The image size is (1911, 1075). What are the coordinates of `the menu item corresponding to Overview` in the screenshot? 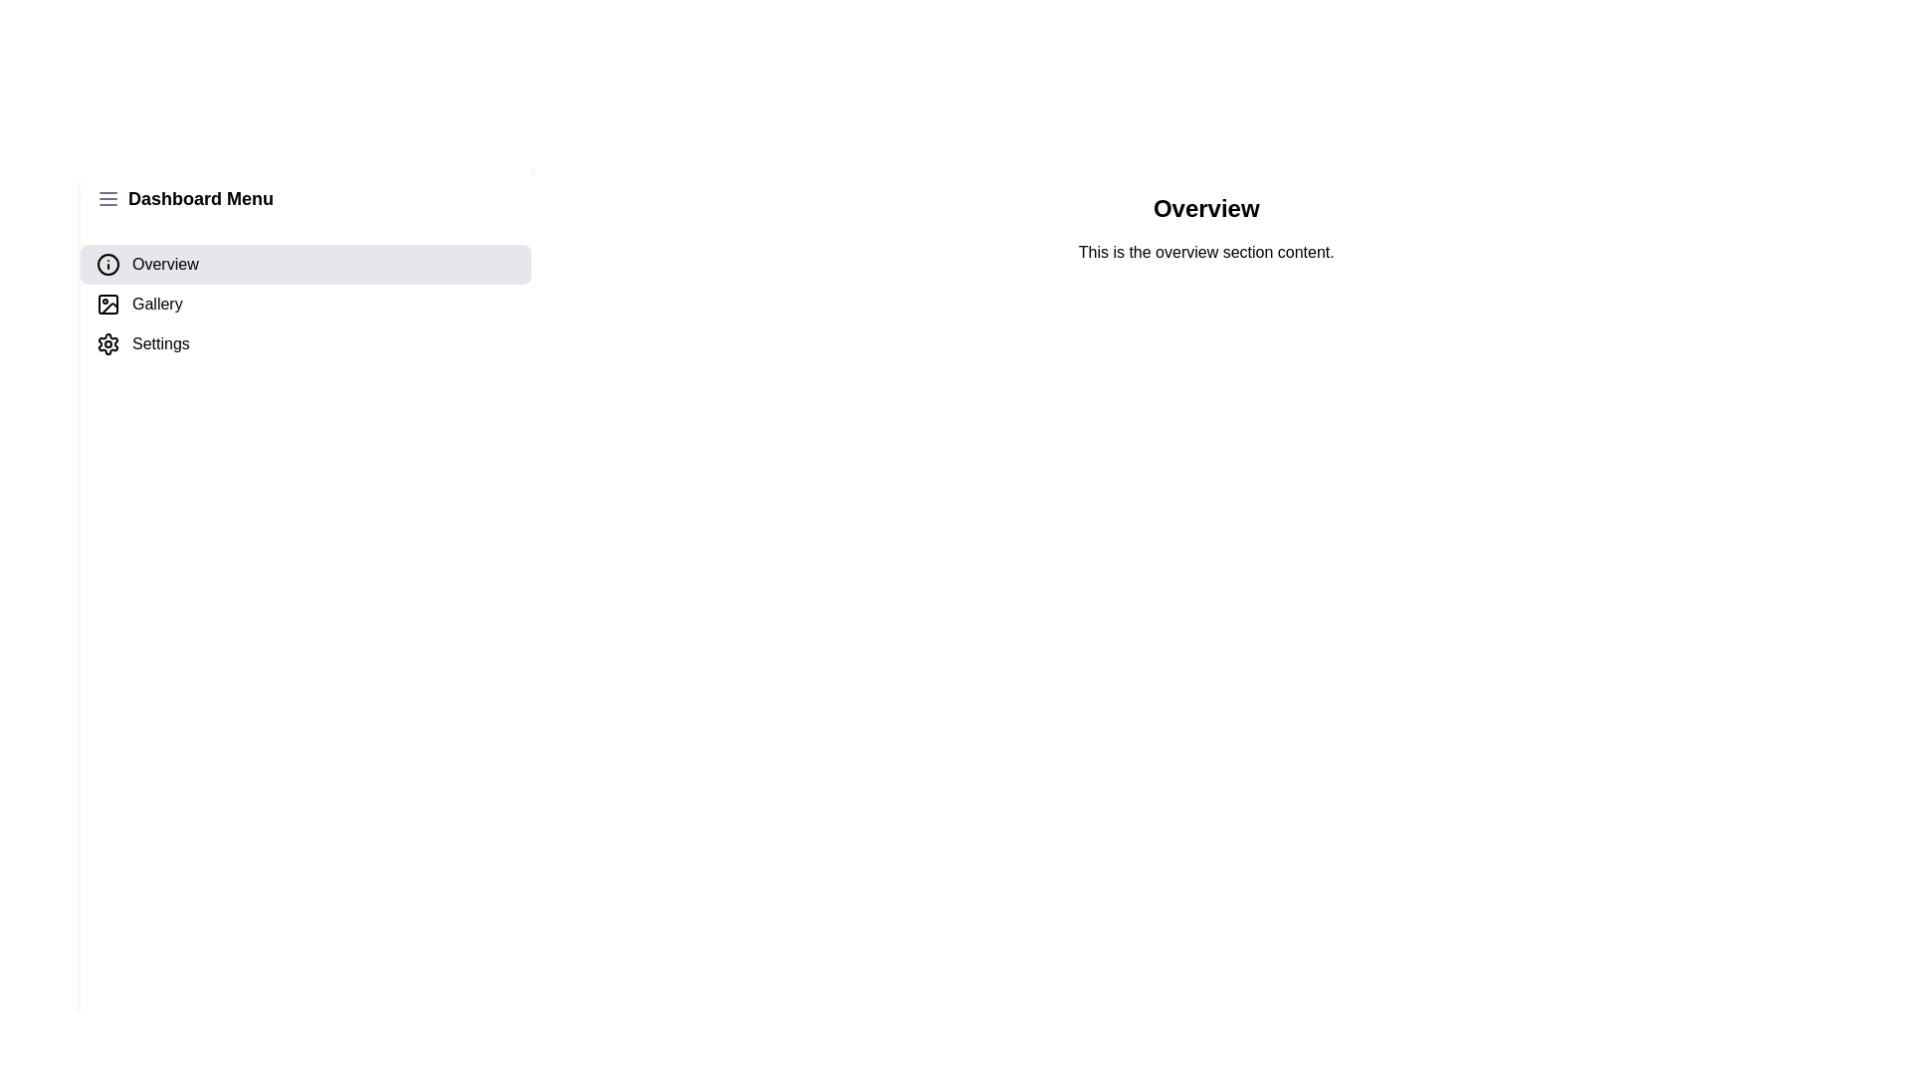 It's located at (305, 264).